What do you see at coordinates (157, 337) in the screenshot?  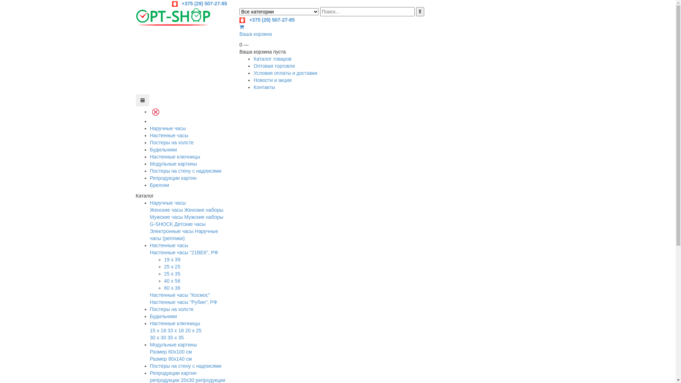 I see `'30 x 30'` at bounding box center [157, 337].